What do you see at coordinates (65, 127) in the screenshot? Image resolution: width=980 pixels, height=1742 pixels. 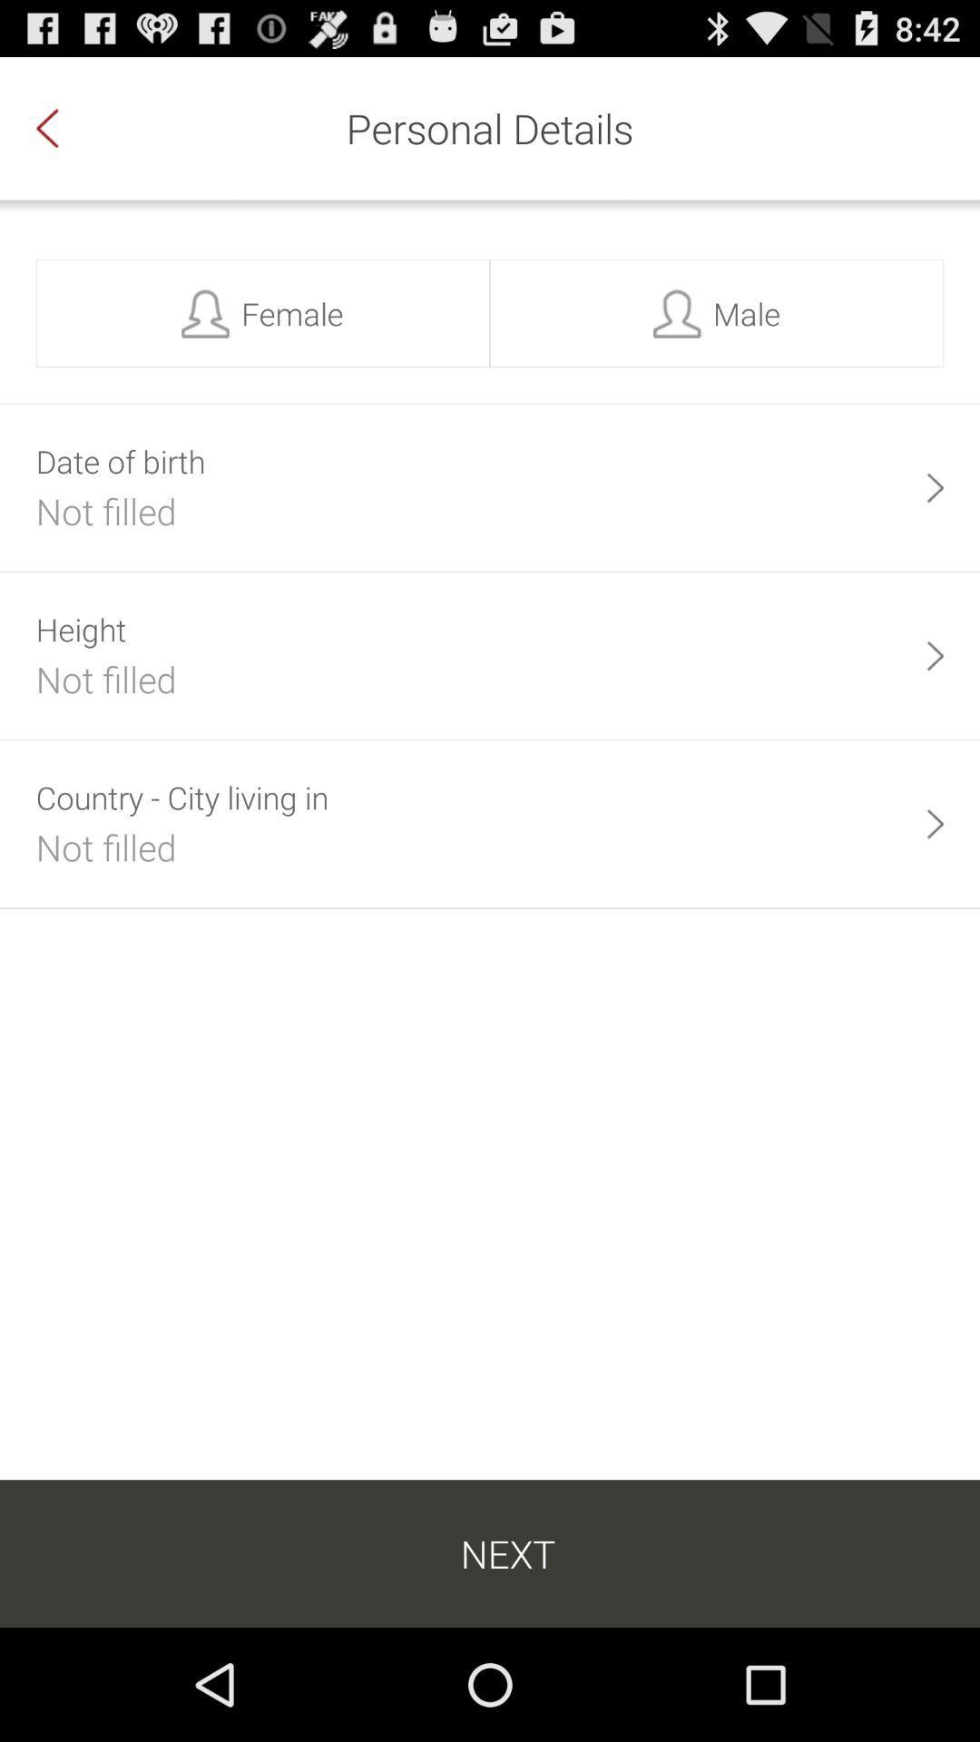 I see `the item next to personal details` at bounding box center [65, 127].